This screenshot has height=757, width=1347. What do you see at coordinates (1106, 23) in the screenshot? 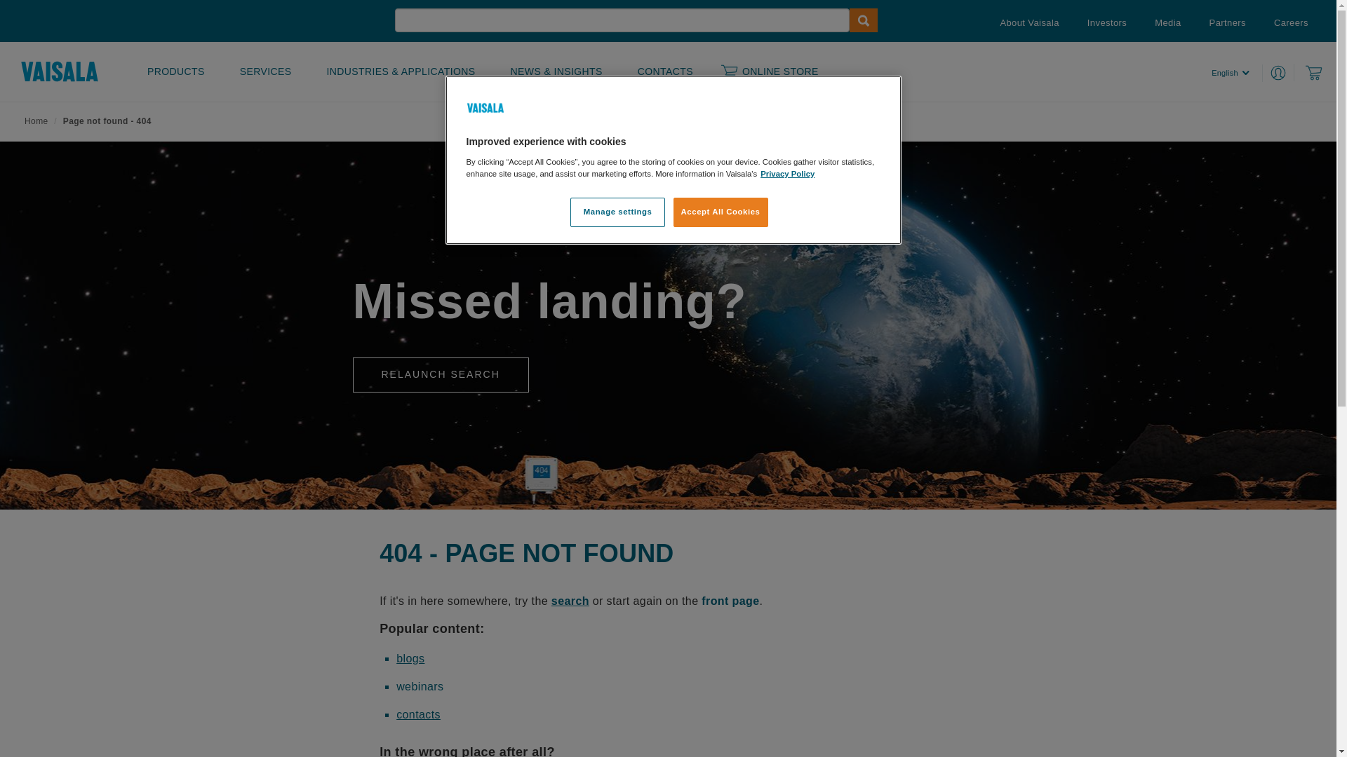
I see `'Investors'` at bounding box center [1106, 23].